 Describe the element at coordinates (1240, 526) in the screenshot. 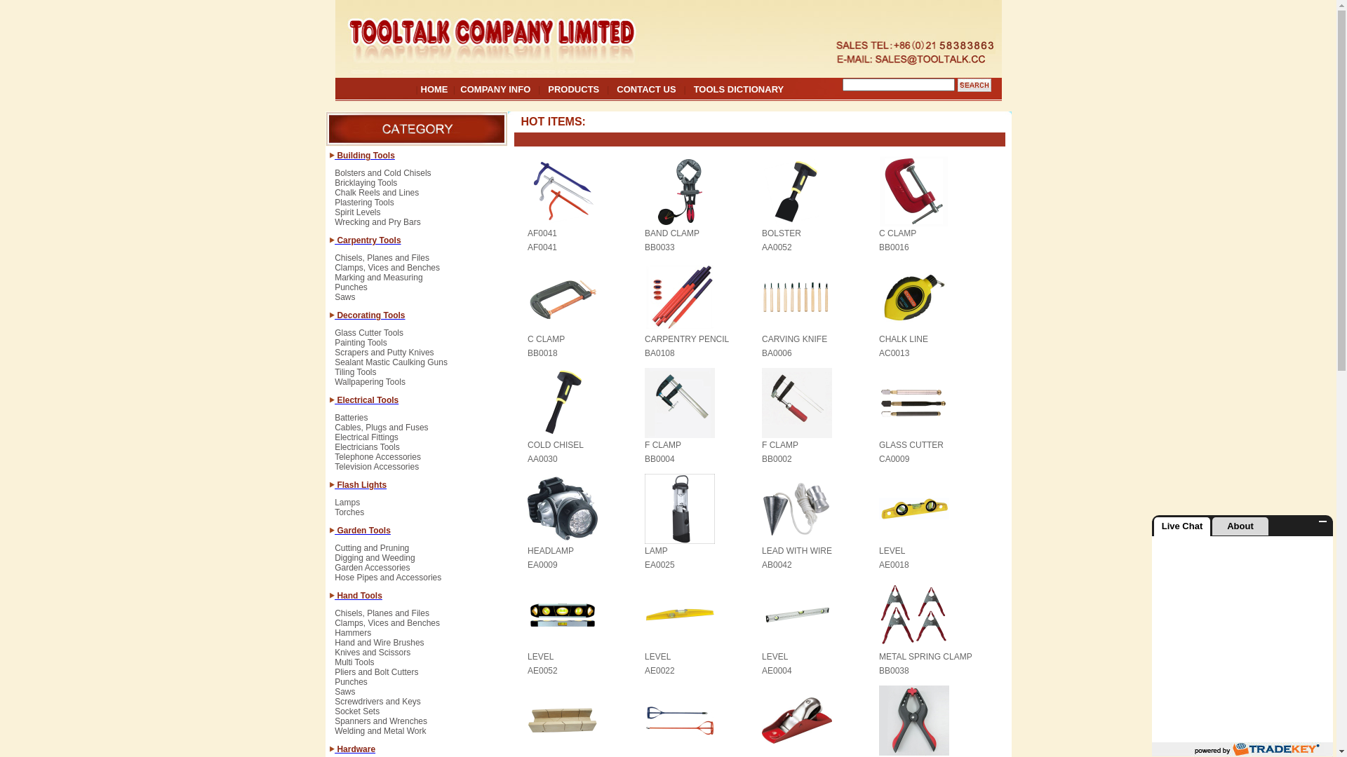

I see `'About'` at that location.